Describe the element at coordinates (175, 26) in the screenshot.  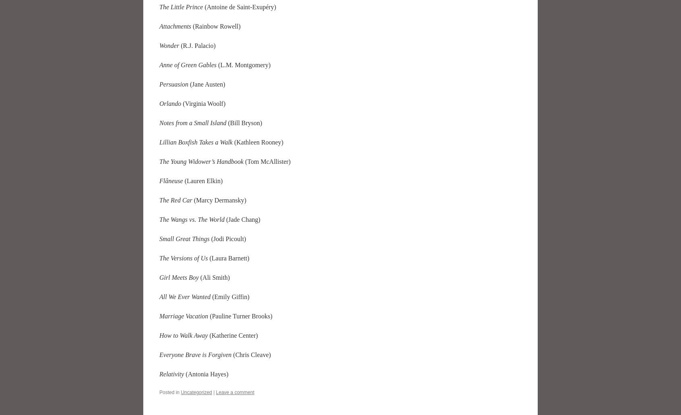
I see `'Attachments'` at that location.